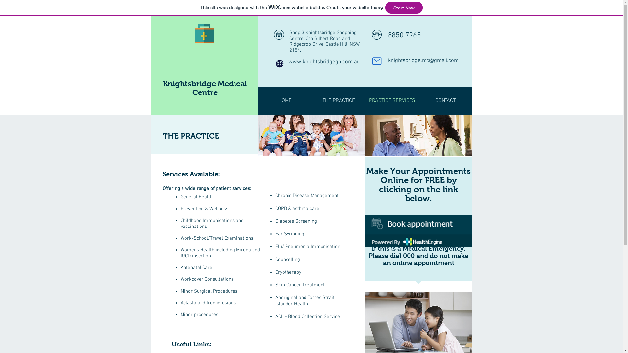 The width and height of the screenshot is (628, 353). Describe the element at coordinates (392, 101) in the screenshot. I see `'PRACTICE SERVICES'` at that location.